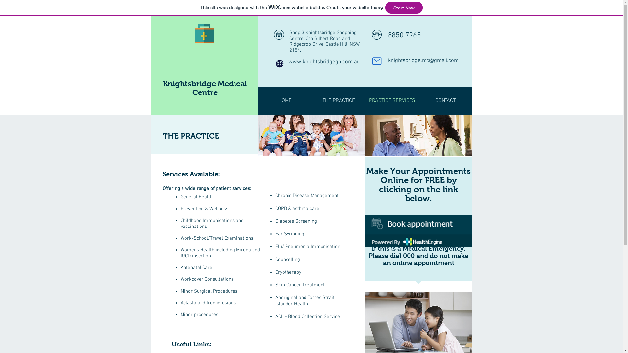 The width and height of the screenshot is (628, 353). Describe the element at coordinates (392, 101) in the screenshot. I see `'PRACTICE SERVICES'` at that location.